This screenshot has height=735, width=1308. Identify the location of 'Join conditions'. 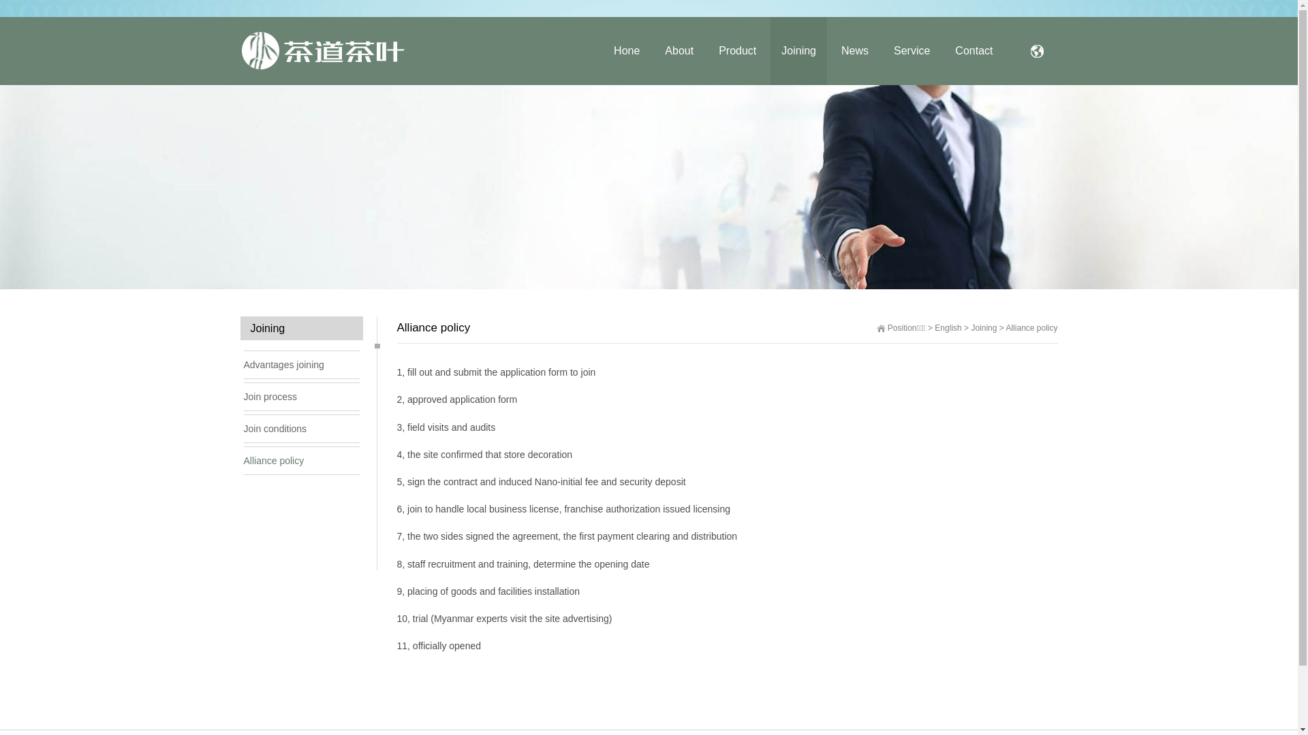
(300, 427).